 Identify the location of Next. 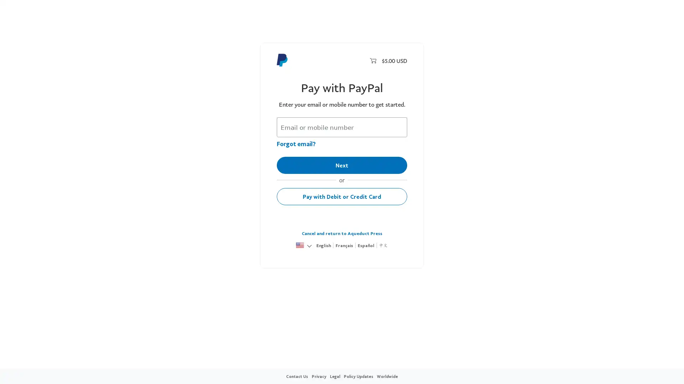
(342, 165).